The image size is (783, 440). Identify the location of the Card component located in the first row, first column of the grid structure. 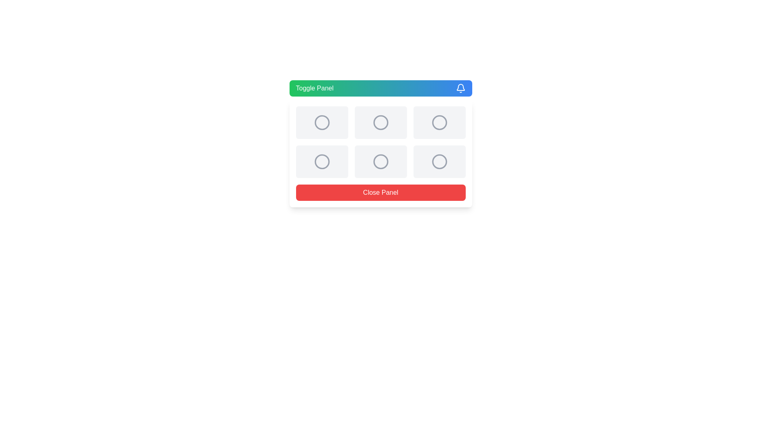
(321, 122).